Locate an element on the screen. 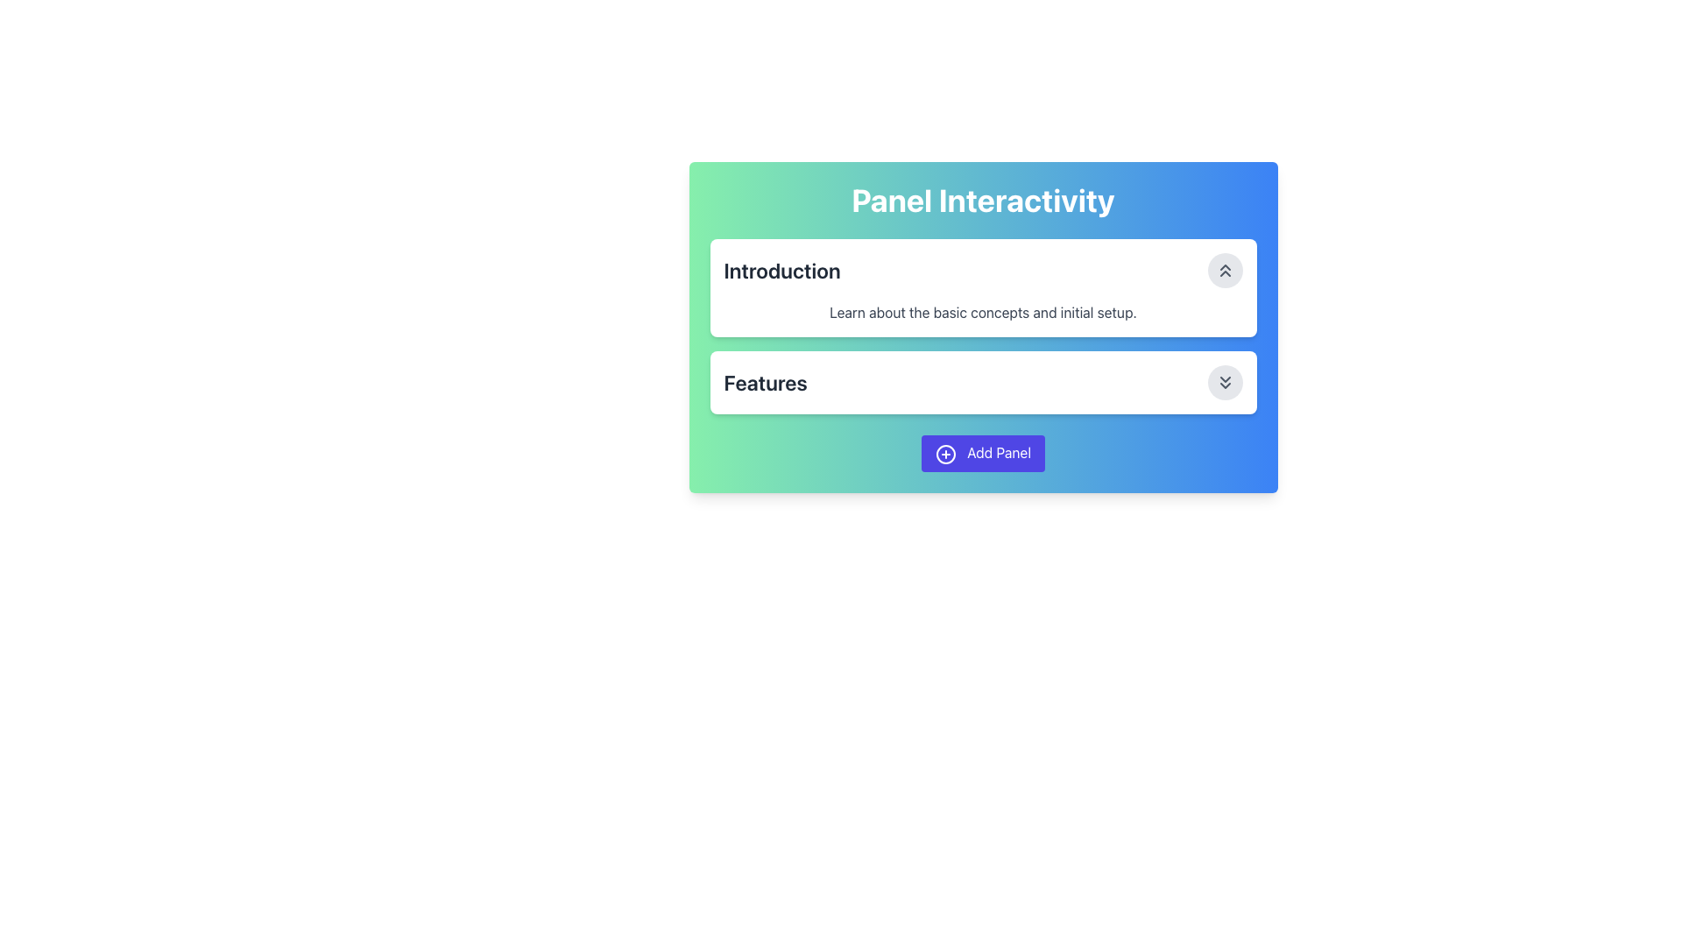  the Text block (Header) which serves as a title for the following section, positioned at the top-left corner of the main content card is located at coordinates (781, 270).